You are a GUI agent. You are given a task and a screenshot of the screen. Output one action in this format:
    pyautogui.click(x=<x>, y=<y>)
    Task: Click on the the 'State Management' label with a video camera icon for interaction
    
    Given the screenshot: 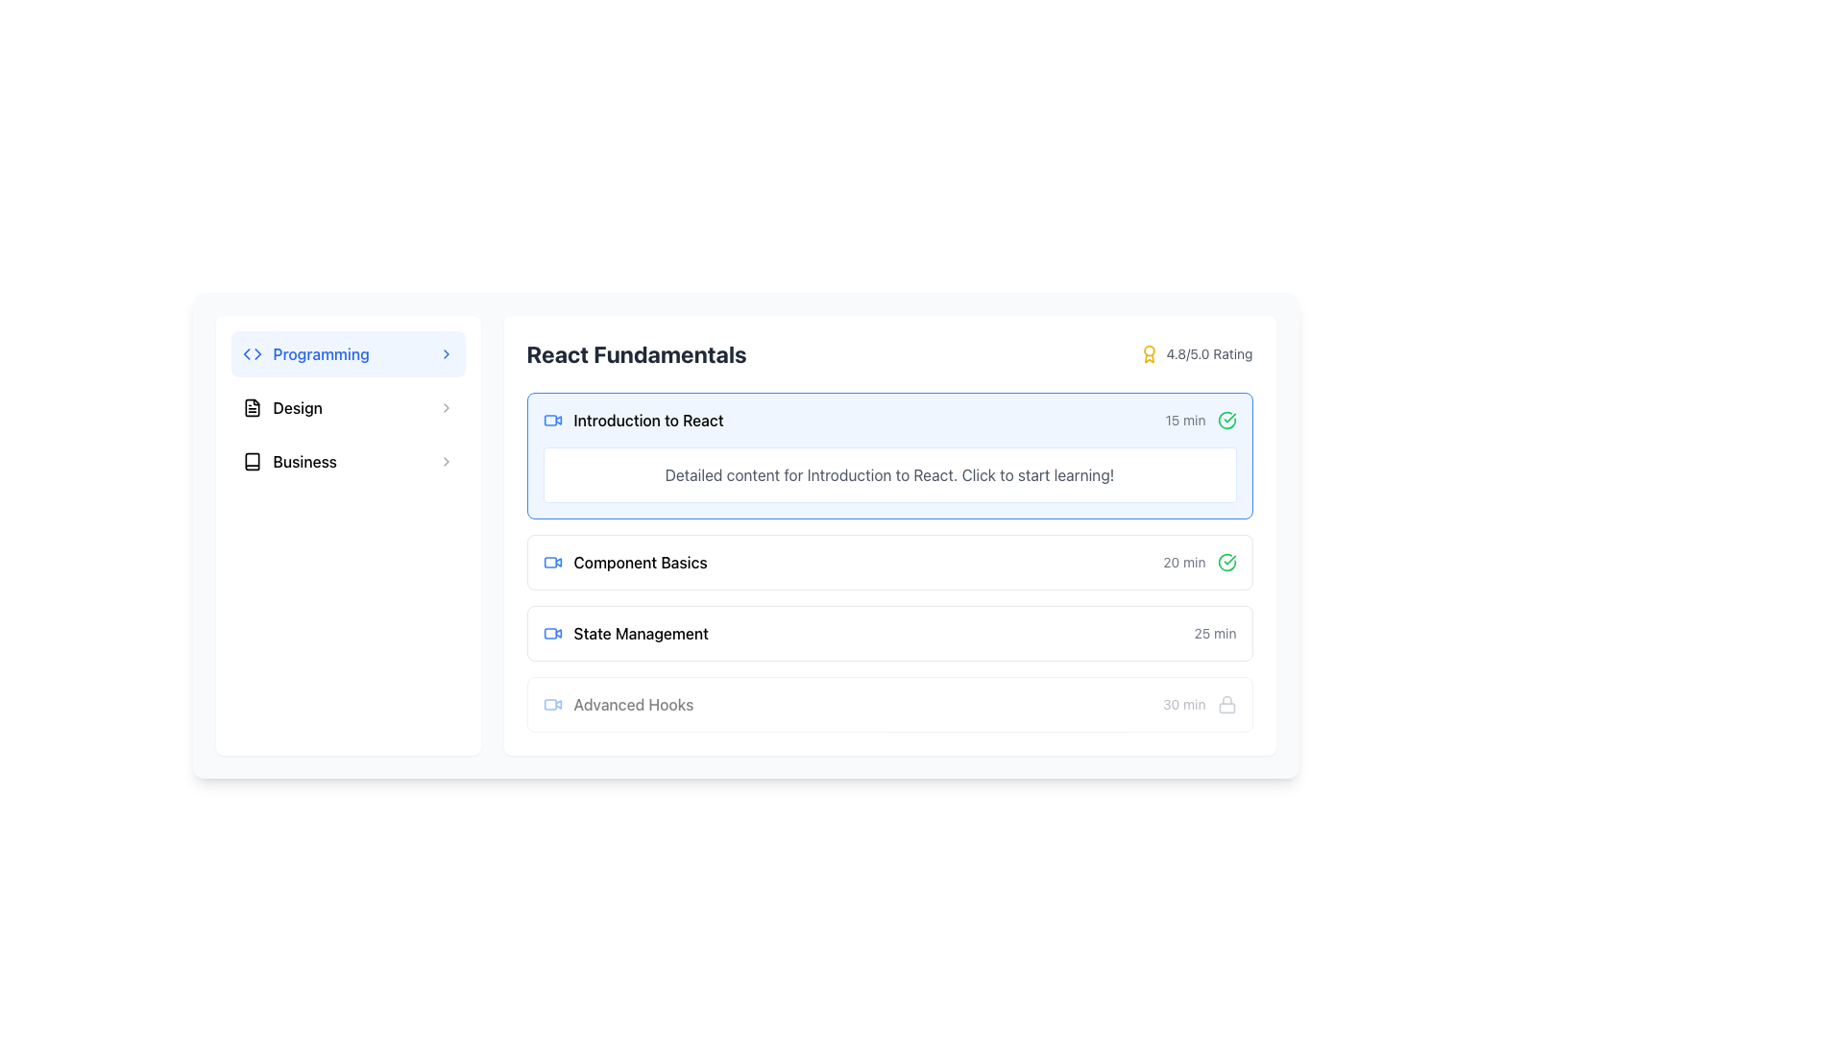 What is the action you would take?
    pyautogui.click(x=625, y=633)
    